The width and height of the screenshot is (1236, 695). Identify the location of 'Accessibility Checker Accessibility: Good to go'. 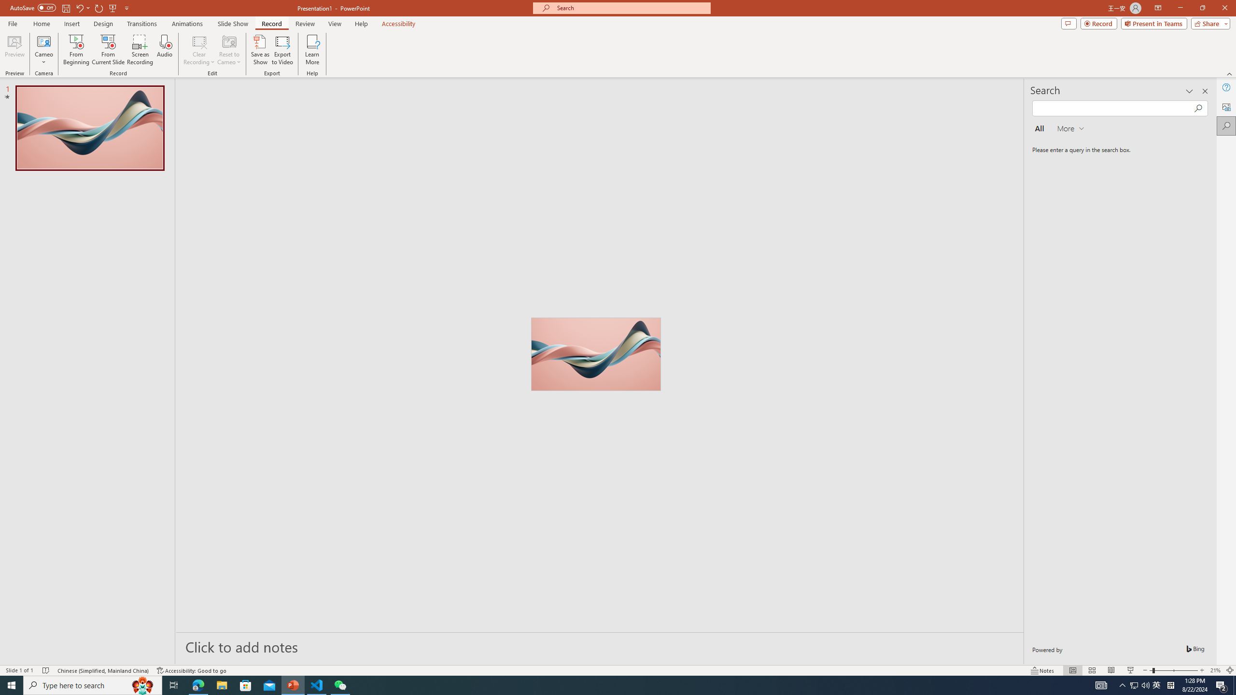
(192, 670).